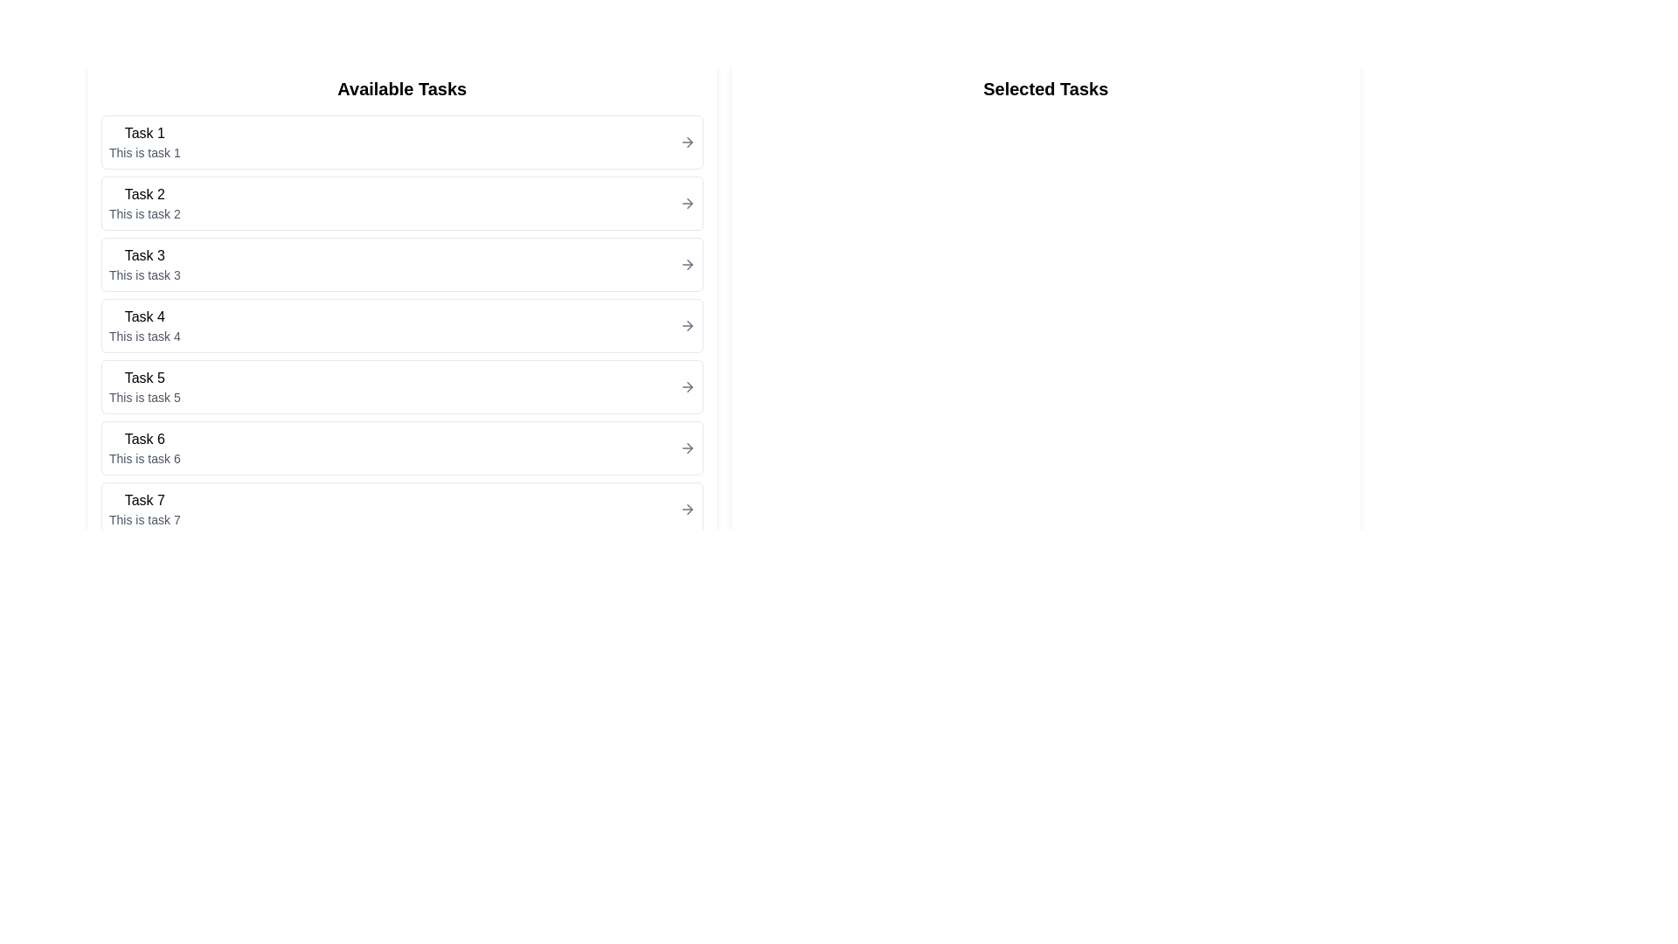 This screenshot has width=1678, height=944. What do you see at coordinates (401, 88) in the screenshot?
I see `the header text displaying 'Available Tasks', which is bold and larger, serving as the title for the task list` at bounding box center [401, 88].